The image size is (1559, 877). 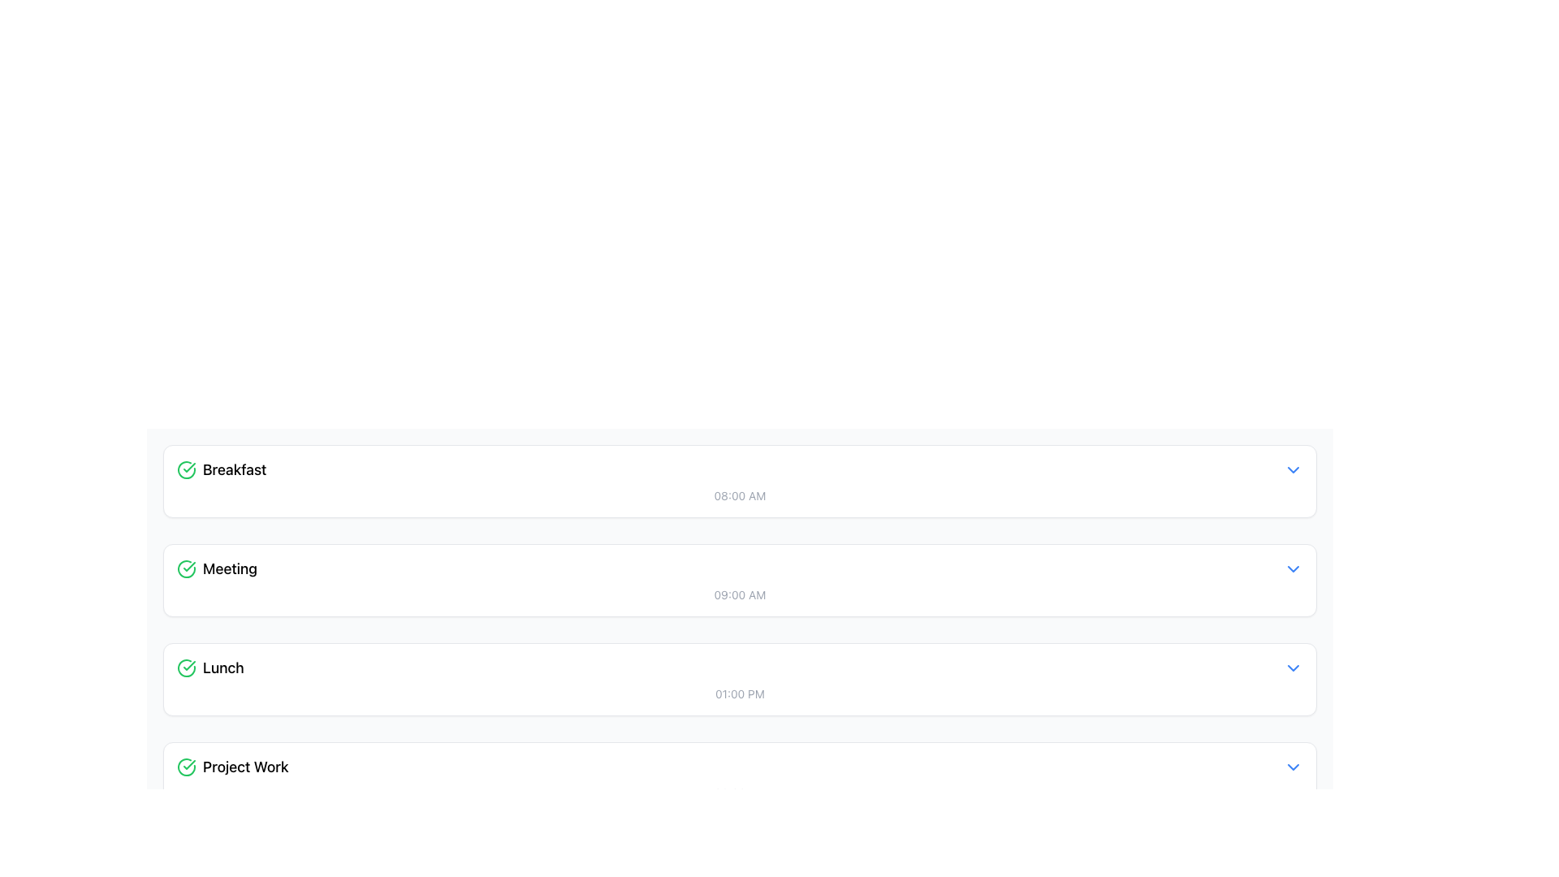 What do you see at coordinates (187, 767) in the screenshot?
I see `the status indicator icon for the 'Project Work' task, which is located at the leftmost part of the horizontal layout containing the text 'Project Work'` at bounding box center [187, 767].